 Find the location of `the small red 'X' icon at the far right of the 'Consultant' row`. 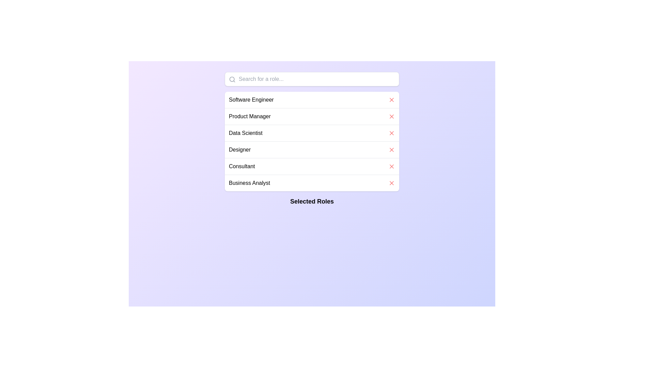

the small red 'X' icon at the far right of the 'Consultant' row is located at coordinates (392, 166).